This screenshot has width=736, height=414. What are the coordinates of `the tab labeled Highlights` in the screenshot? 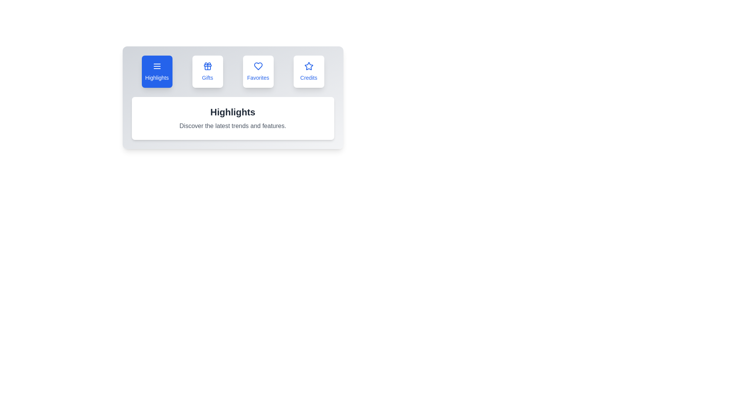 It's located at (156, 71).